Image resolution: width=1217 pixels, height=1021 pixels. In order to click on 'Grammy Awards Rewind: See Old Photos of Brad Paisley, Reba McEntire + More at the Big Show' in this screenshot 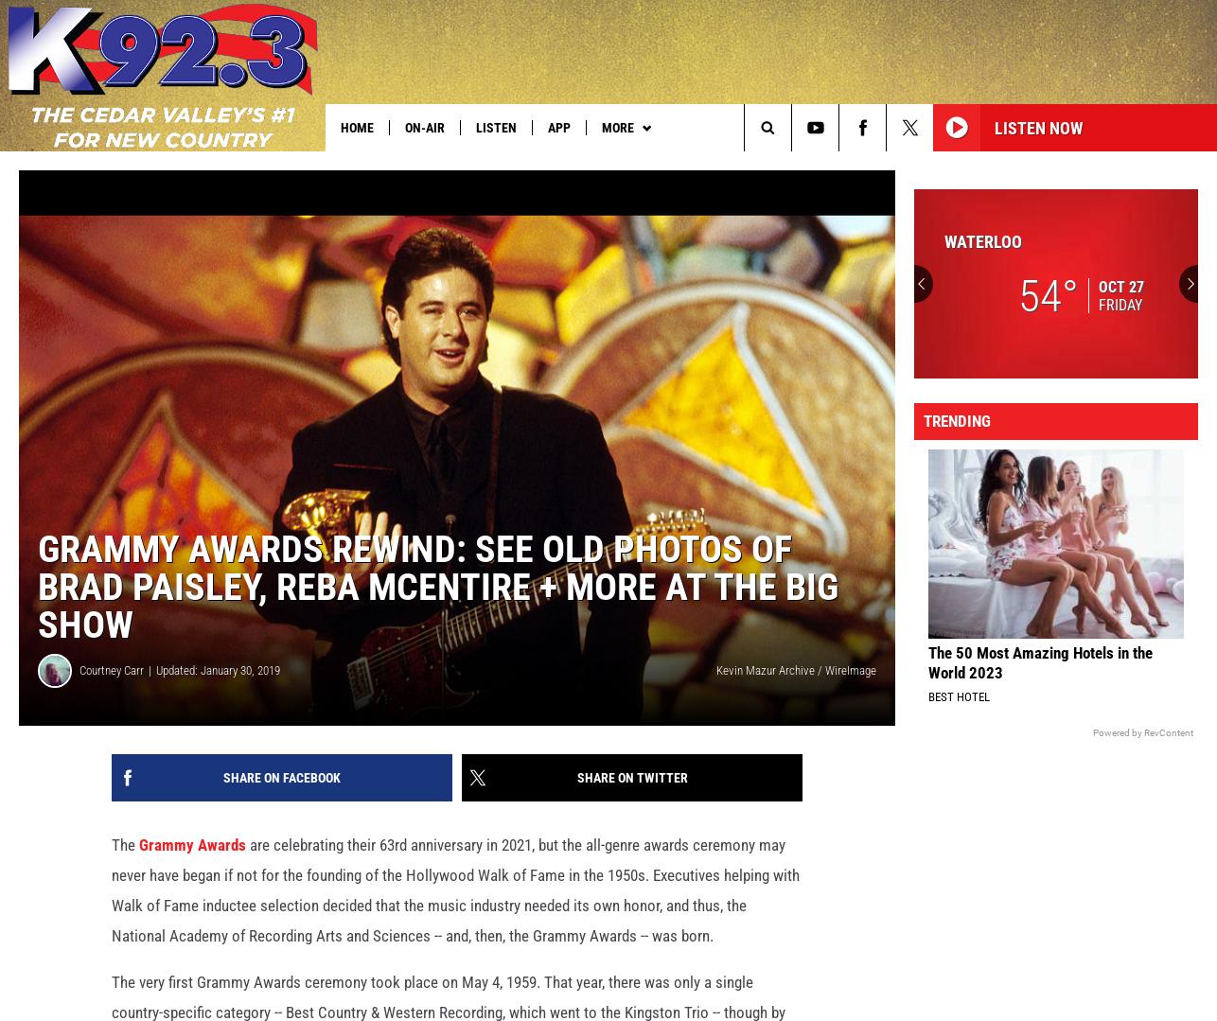, I will do `click(436, 616)`.